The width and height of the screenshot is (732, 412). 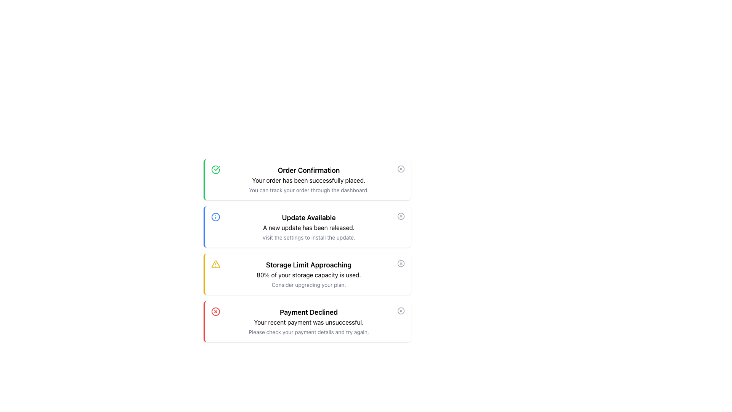 What do you see at coordinates (400, 311) in the screenshot?
I see `the circular element within the 'close' icon of the last notification card labeled 'Payment Declined'` at bounding box center [400, 311].